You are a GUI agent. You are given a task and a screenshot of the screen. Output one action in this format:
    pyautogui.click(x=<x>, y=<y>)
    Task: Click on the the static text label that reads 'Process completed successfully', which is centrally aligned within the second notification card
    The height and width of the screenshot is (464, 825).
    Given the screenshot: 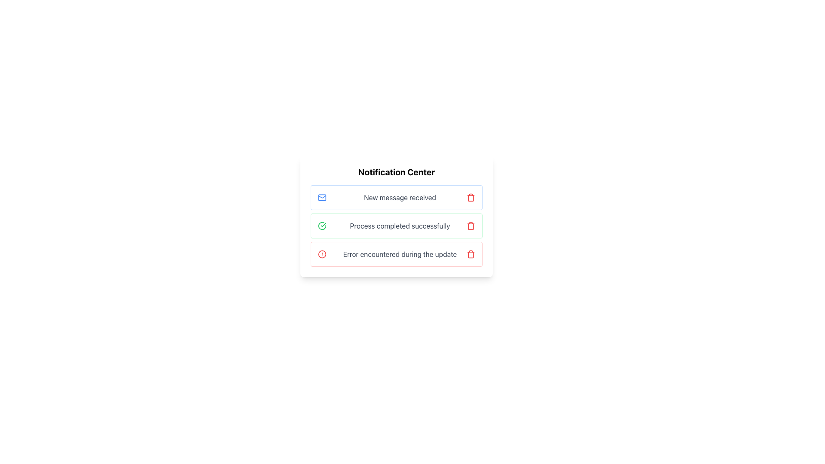 What is the action you would take?
    pyautogui.click(x=400, y=225)
    